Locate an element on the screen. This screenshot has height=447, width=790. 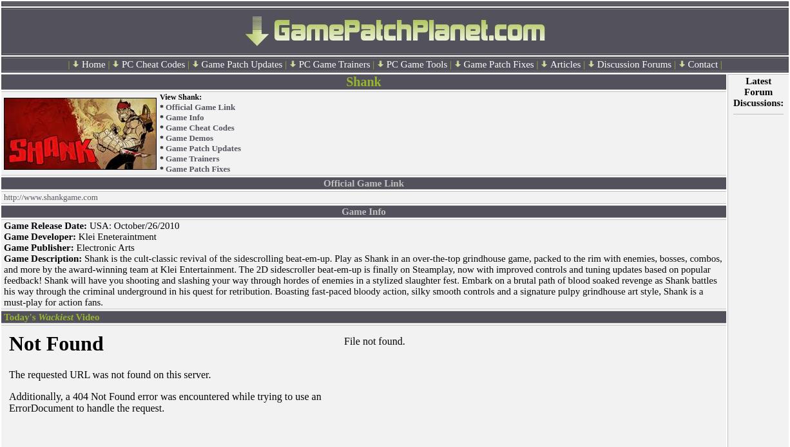
'Discussion
        Forums' is located at coordinates (595, 64).